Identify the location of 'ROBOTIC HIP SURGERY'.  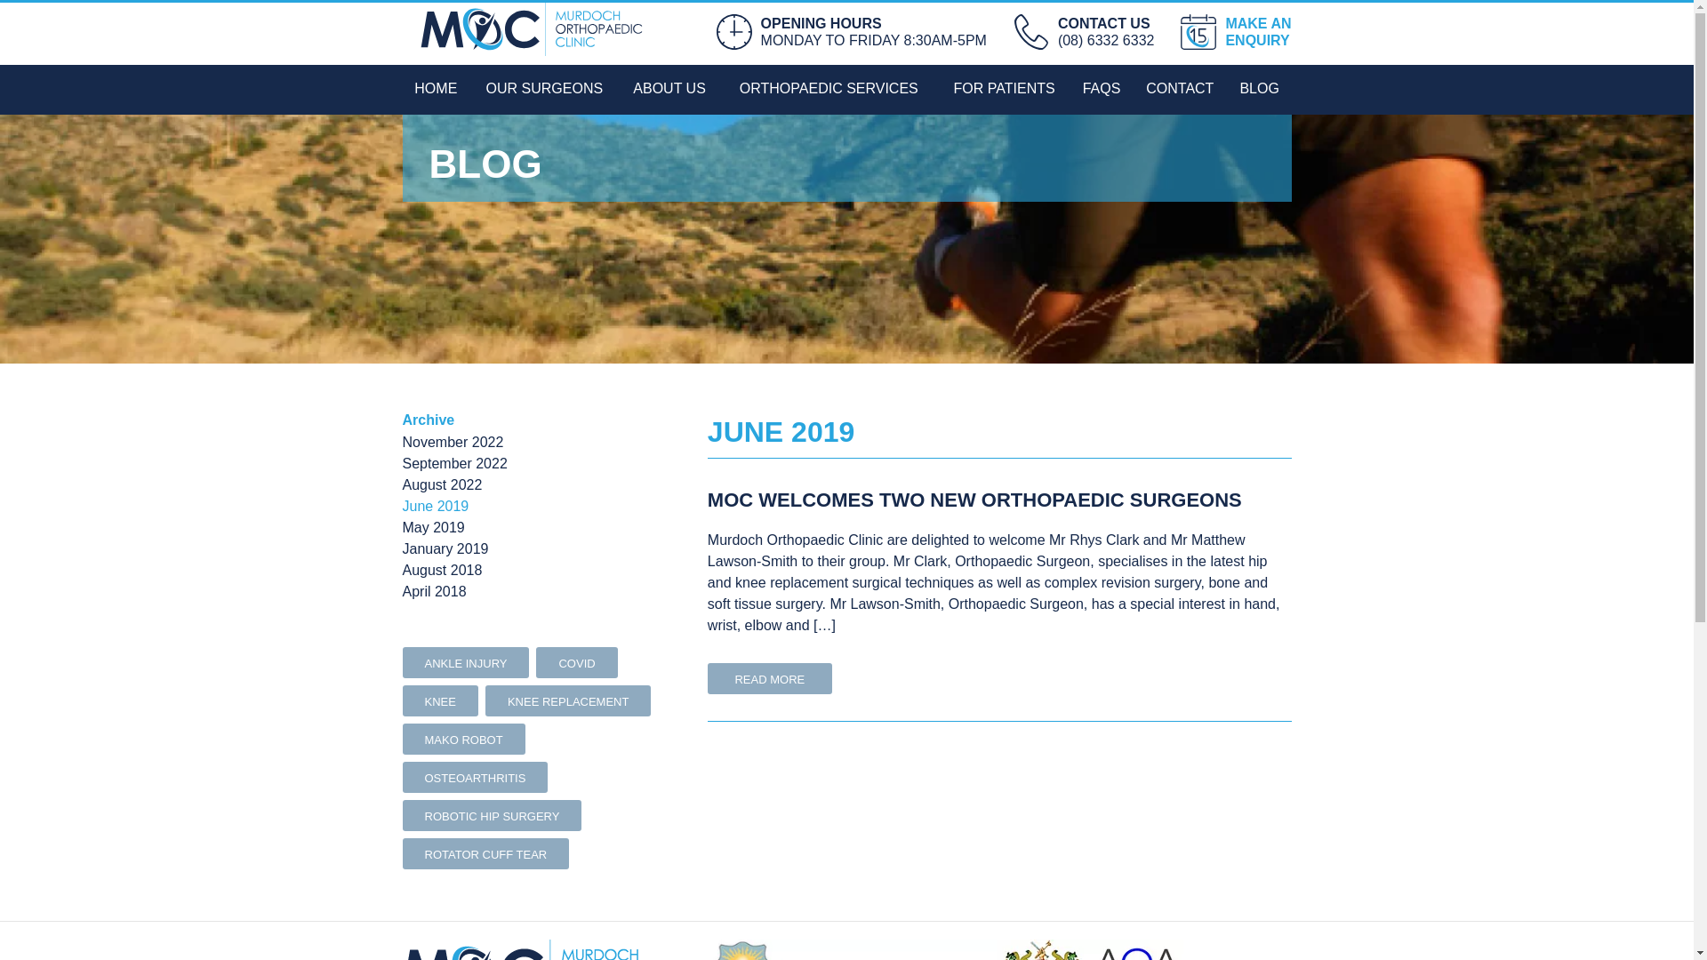
(491, 815).